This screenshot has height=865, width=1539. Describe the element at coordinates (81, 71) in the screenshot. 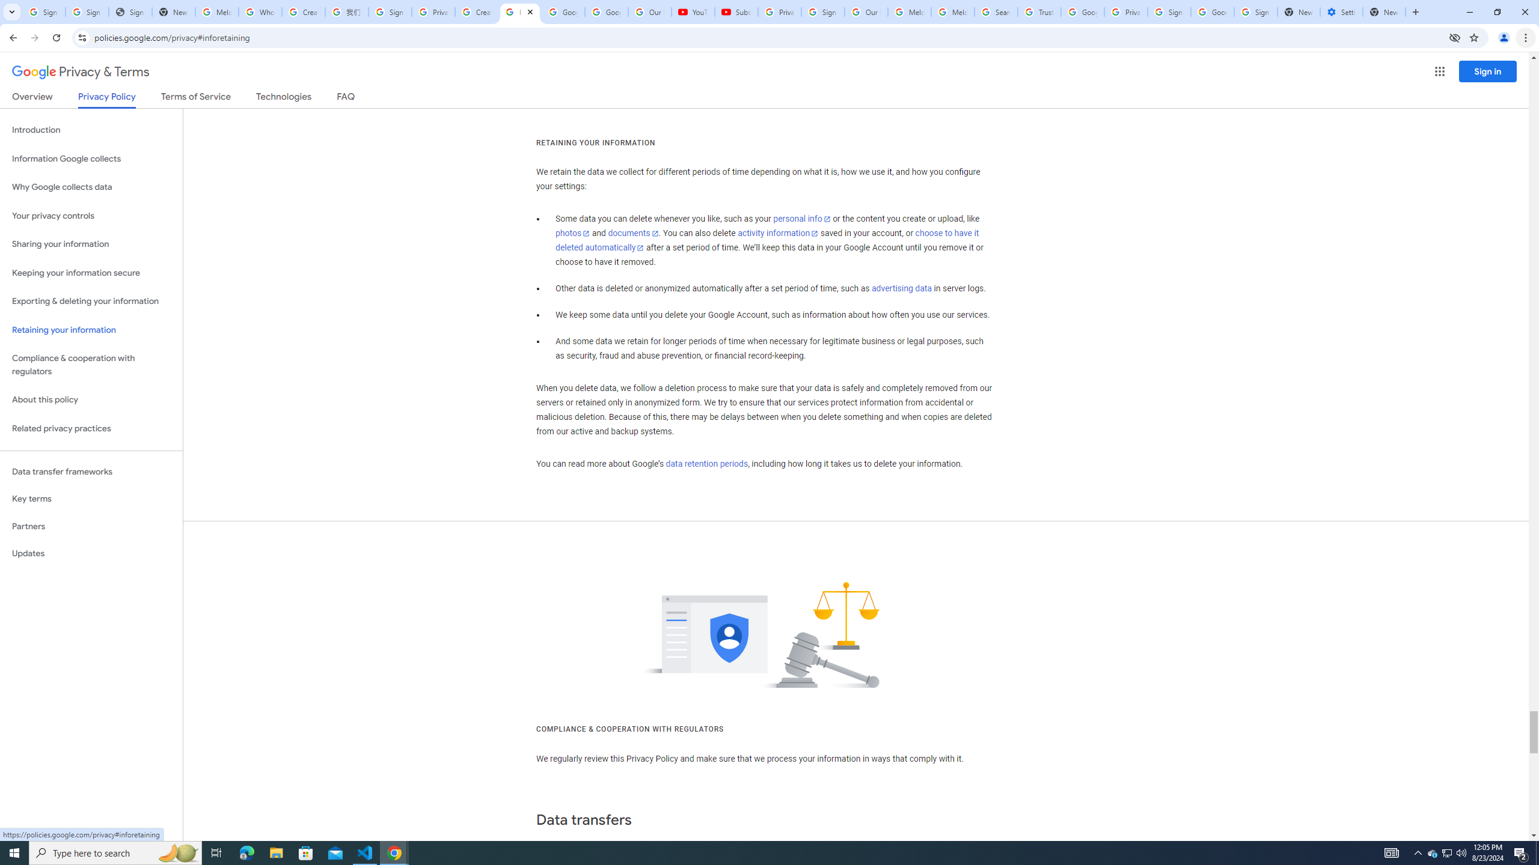

I see `'Privacy & Terms'` at that location.